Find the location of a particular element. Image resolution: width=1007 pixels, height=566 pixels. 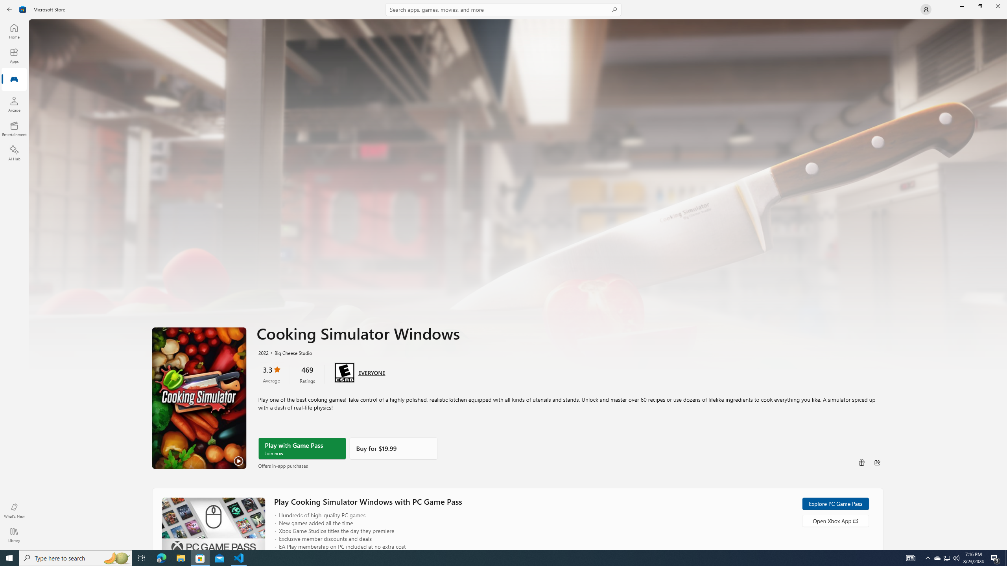

'What' is located at coordinates (13, 510).